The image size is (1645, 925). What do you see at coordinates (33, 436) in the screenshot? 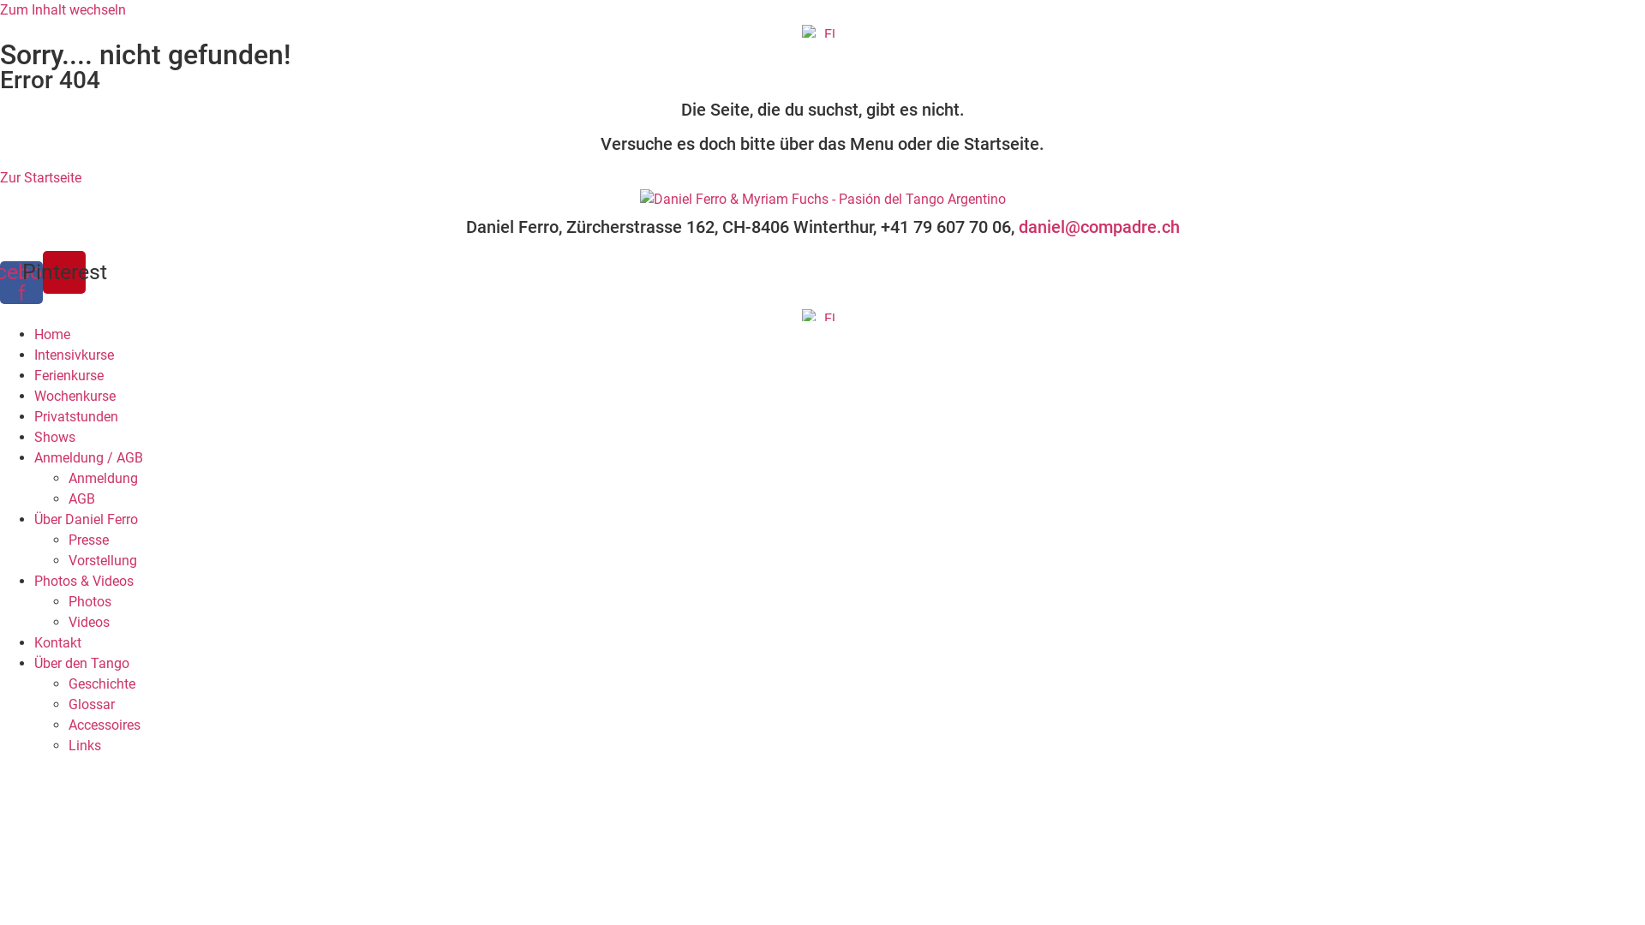
I see `'Shows'` at bounding box center [33, 436].